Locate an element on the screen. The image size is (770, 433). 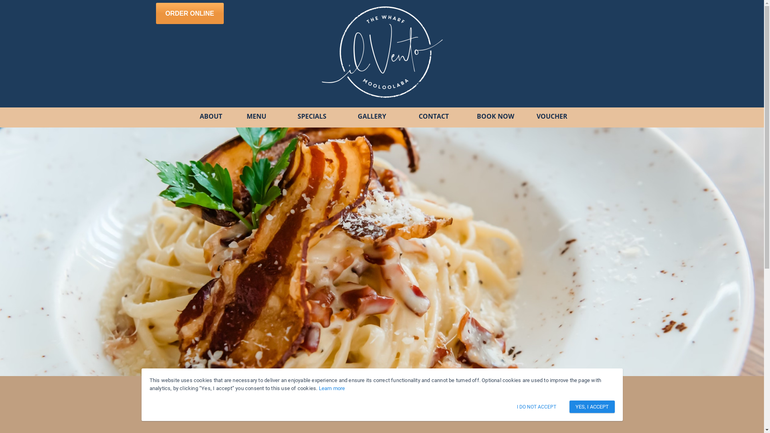
'BOOK NOW' is located at coordinates (473, 116).